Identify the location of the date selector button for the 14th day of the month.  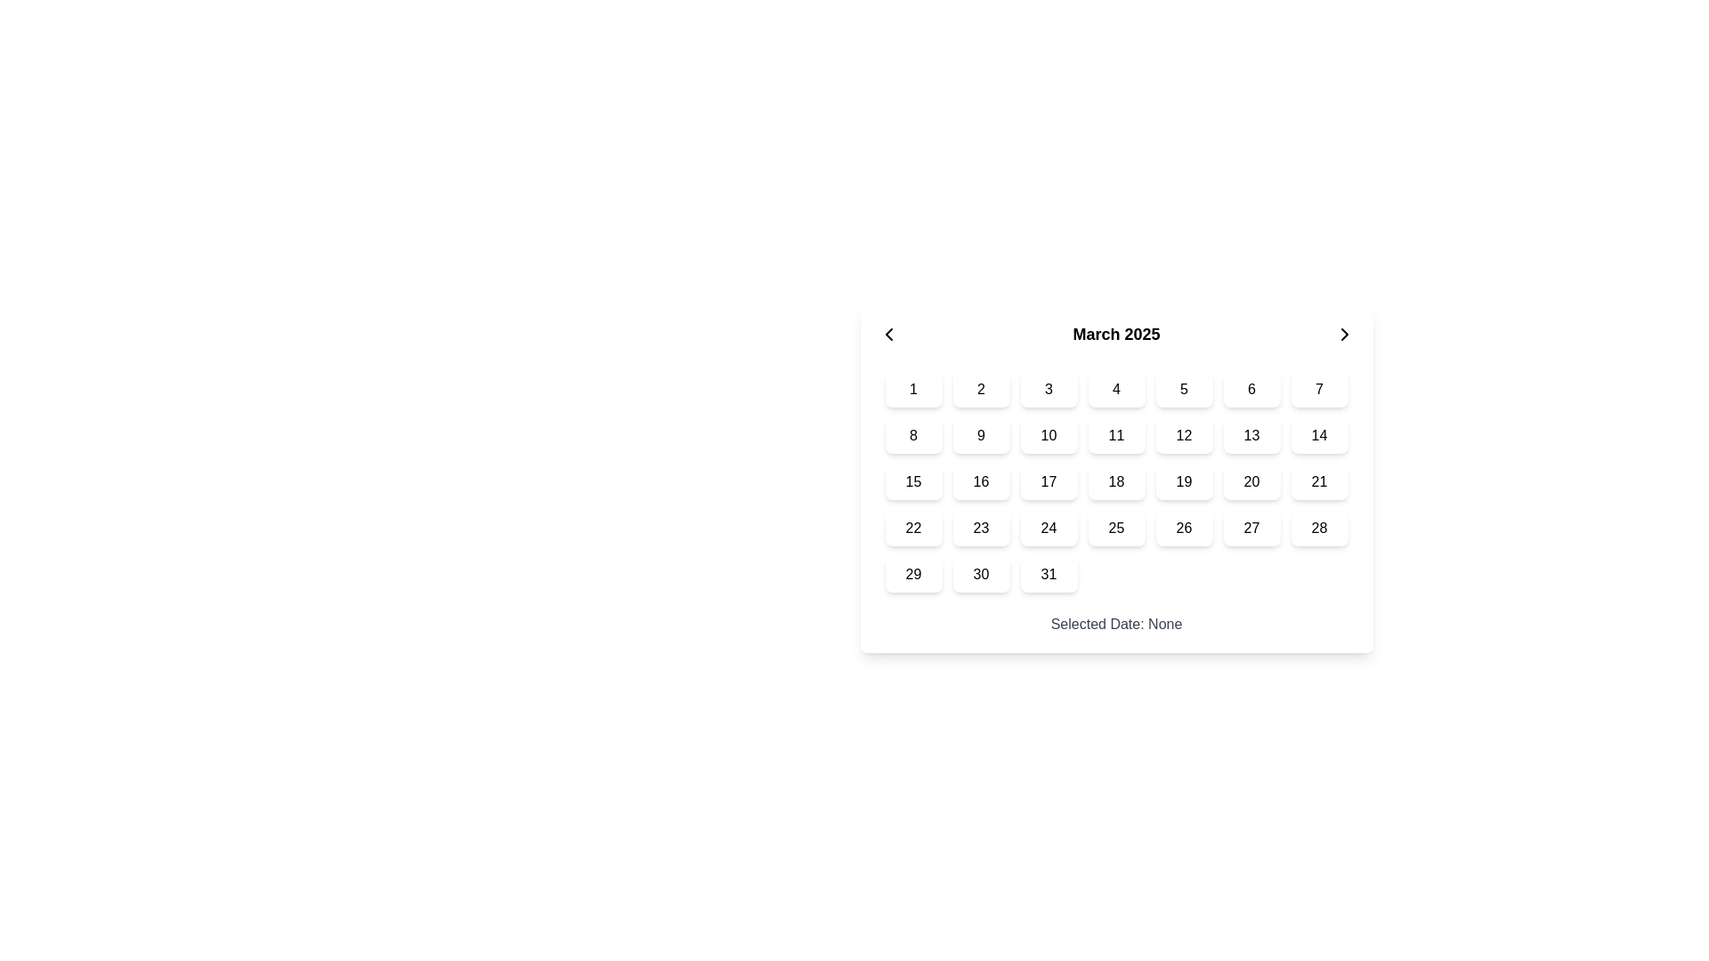
(1319, 435).